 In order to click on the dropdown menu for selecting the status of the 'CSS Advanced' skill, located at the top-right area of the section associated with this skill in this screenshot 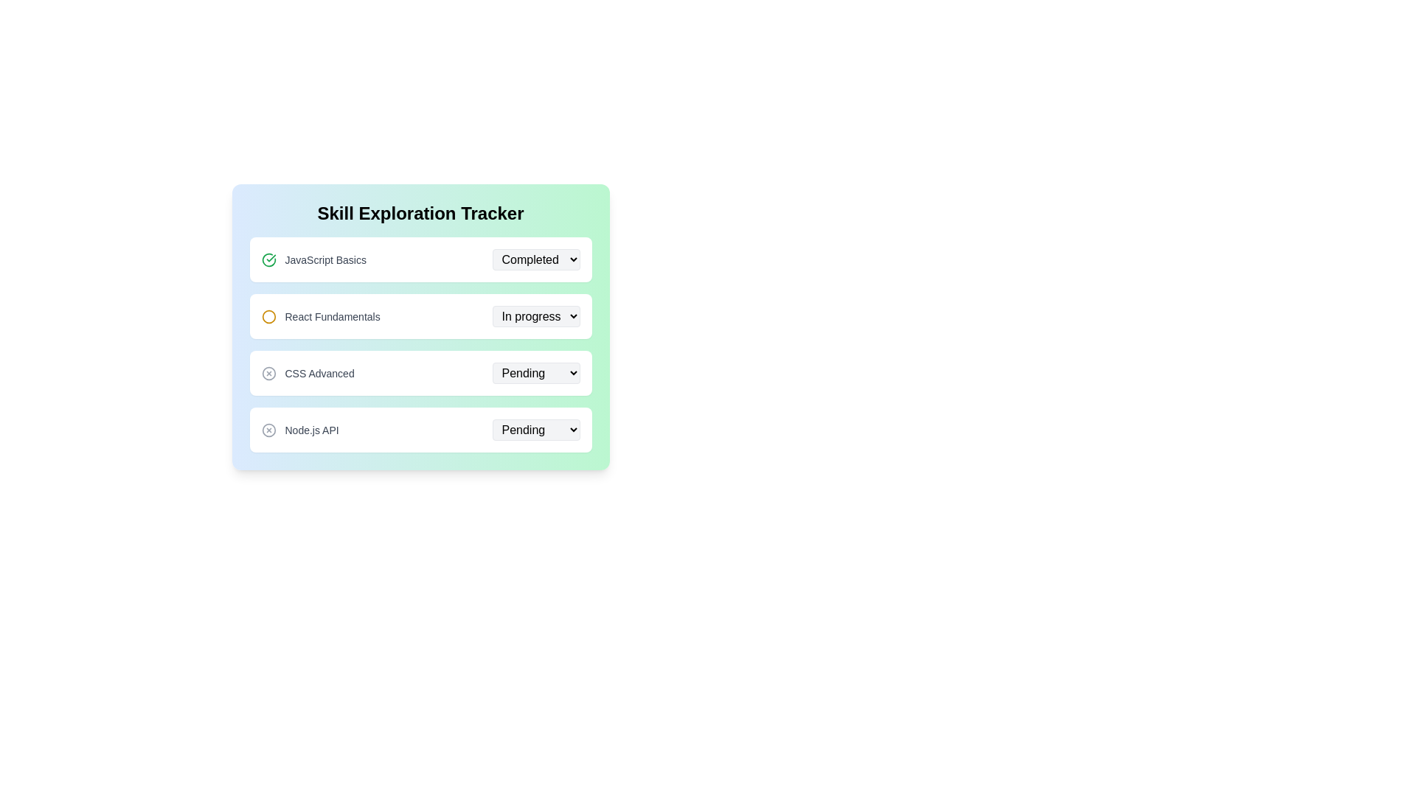, I will do `click(535, 372)`.